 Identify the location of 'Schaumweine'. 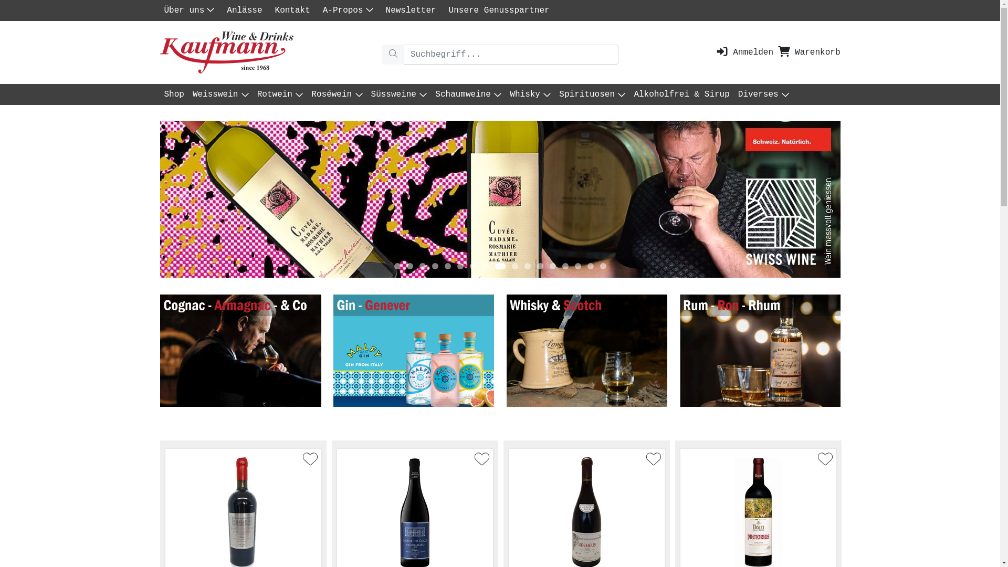
(468, 94).